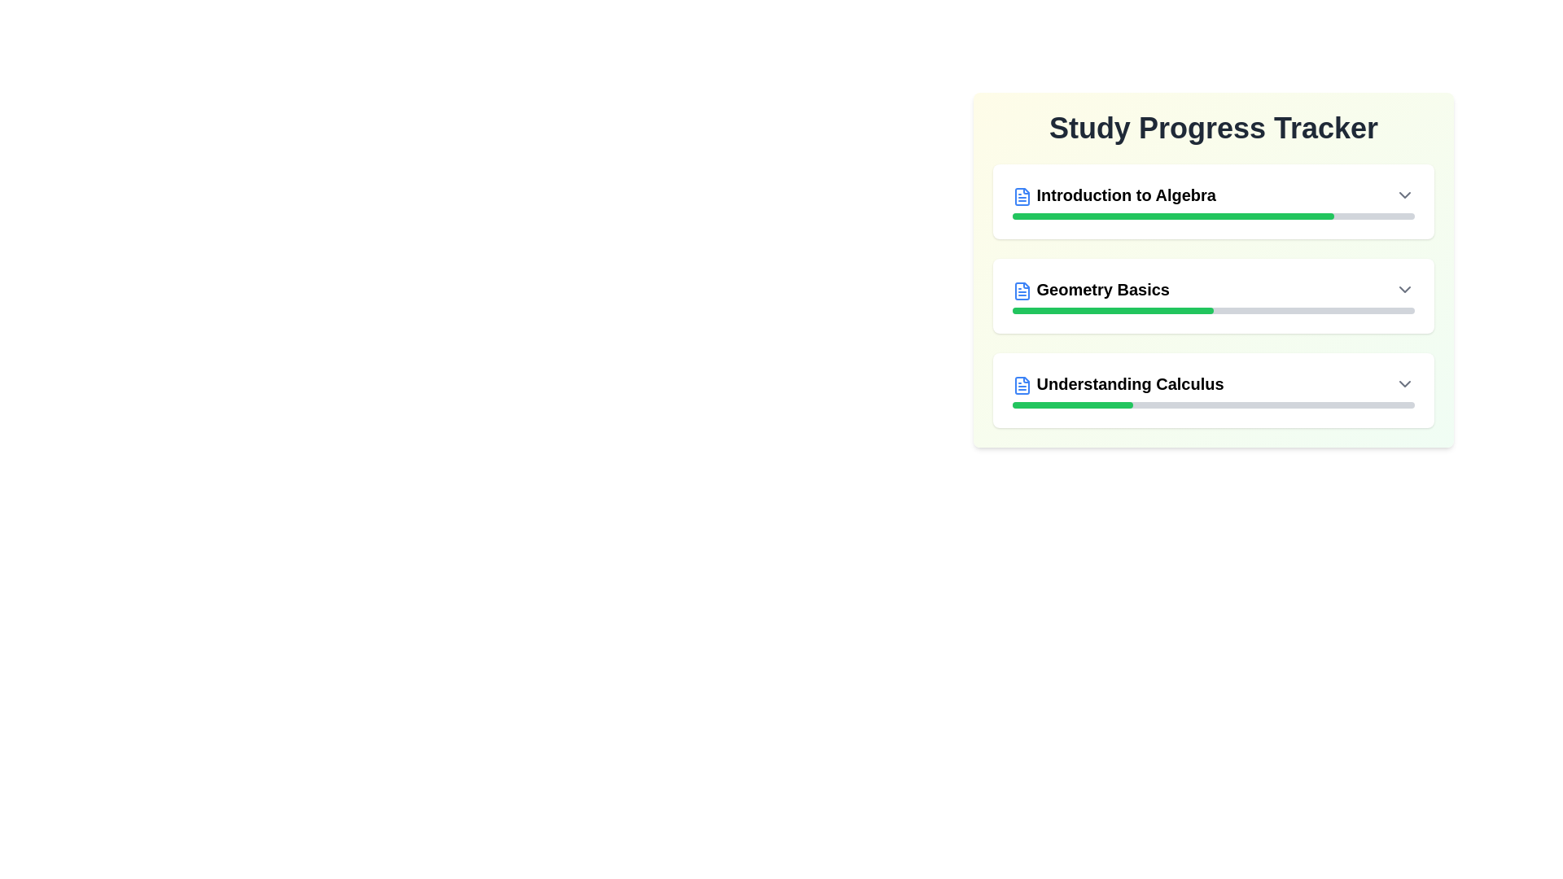  What do you see at coordinates (1404, 288) in the screenshot?
I see `the interactive chevron icon next to the 'Geometry Basics' text` at bounding box center [1404, 288].